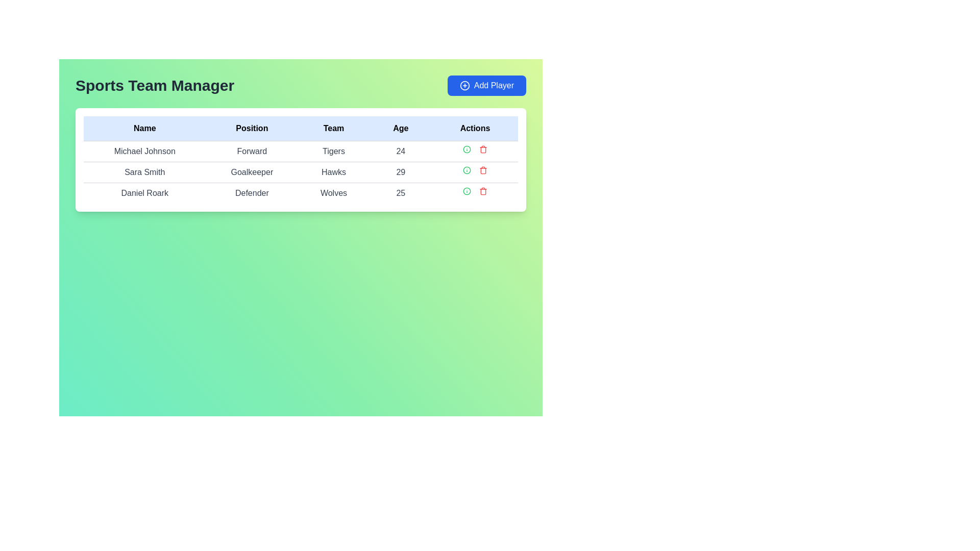 The width and height of the screenshot is (980, 551). Describe the element at coordinates (333, 172) in the screenshot. I see `the text label displaying 'Hawks' in the 'Team' column of the table, which is part of the row for 'Sara Smith'` at that location.